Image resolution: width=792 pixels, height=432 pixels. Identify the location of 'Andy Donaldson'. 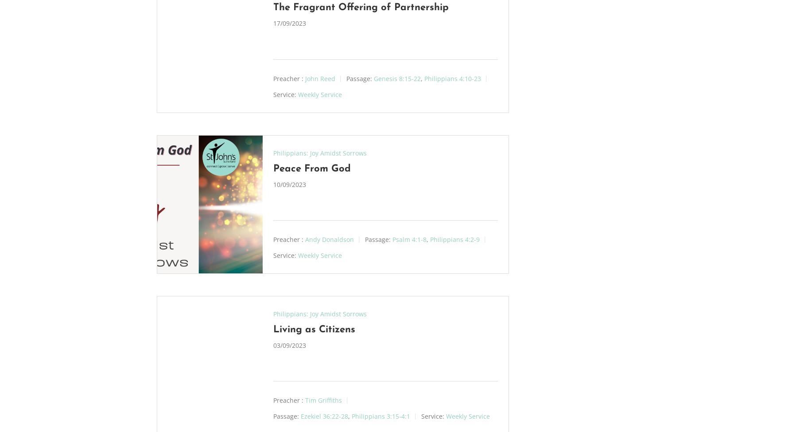
(328, 239).